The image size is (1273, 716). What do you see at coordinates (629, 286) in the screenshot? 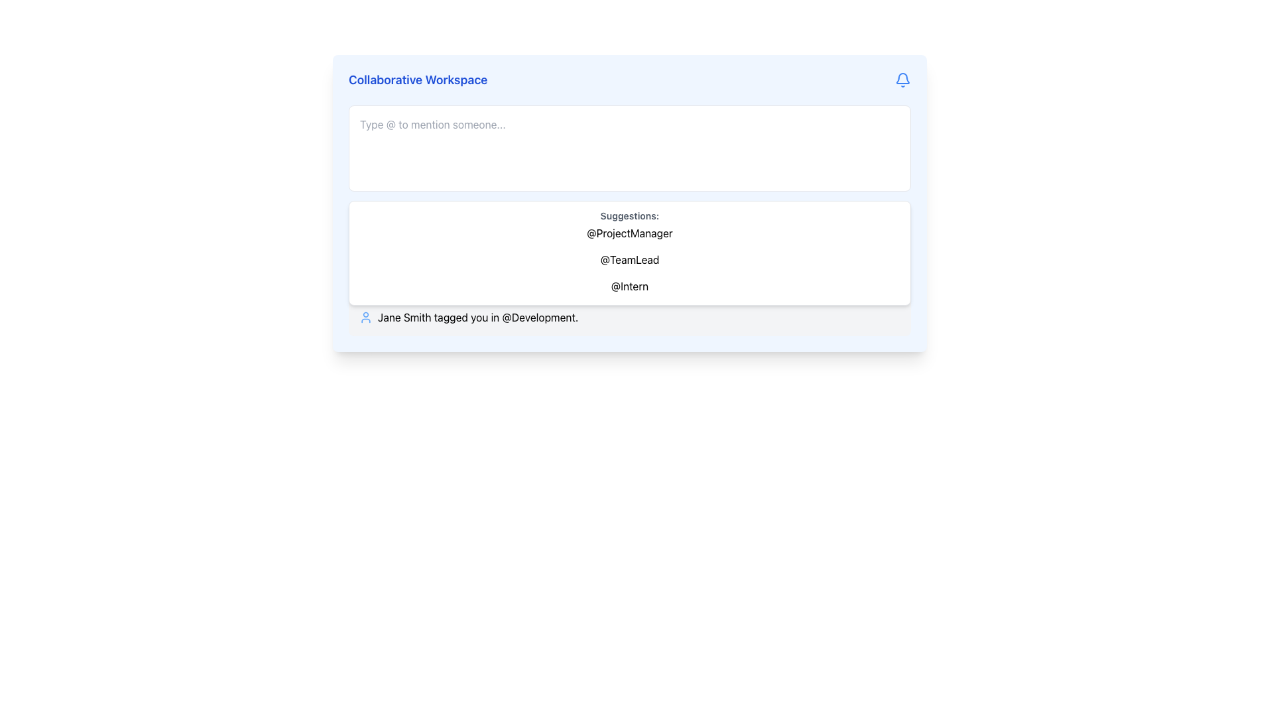
I see `the Text Label for tagging '@Intern', the third item in the suggestions list` at bounding box center [629, 286].